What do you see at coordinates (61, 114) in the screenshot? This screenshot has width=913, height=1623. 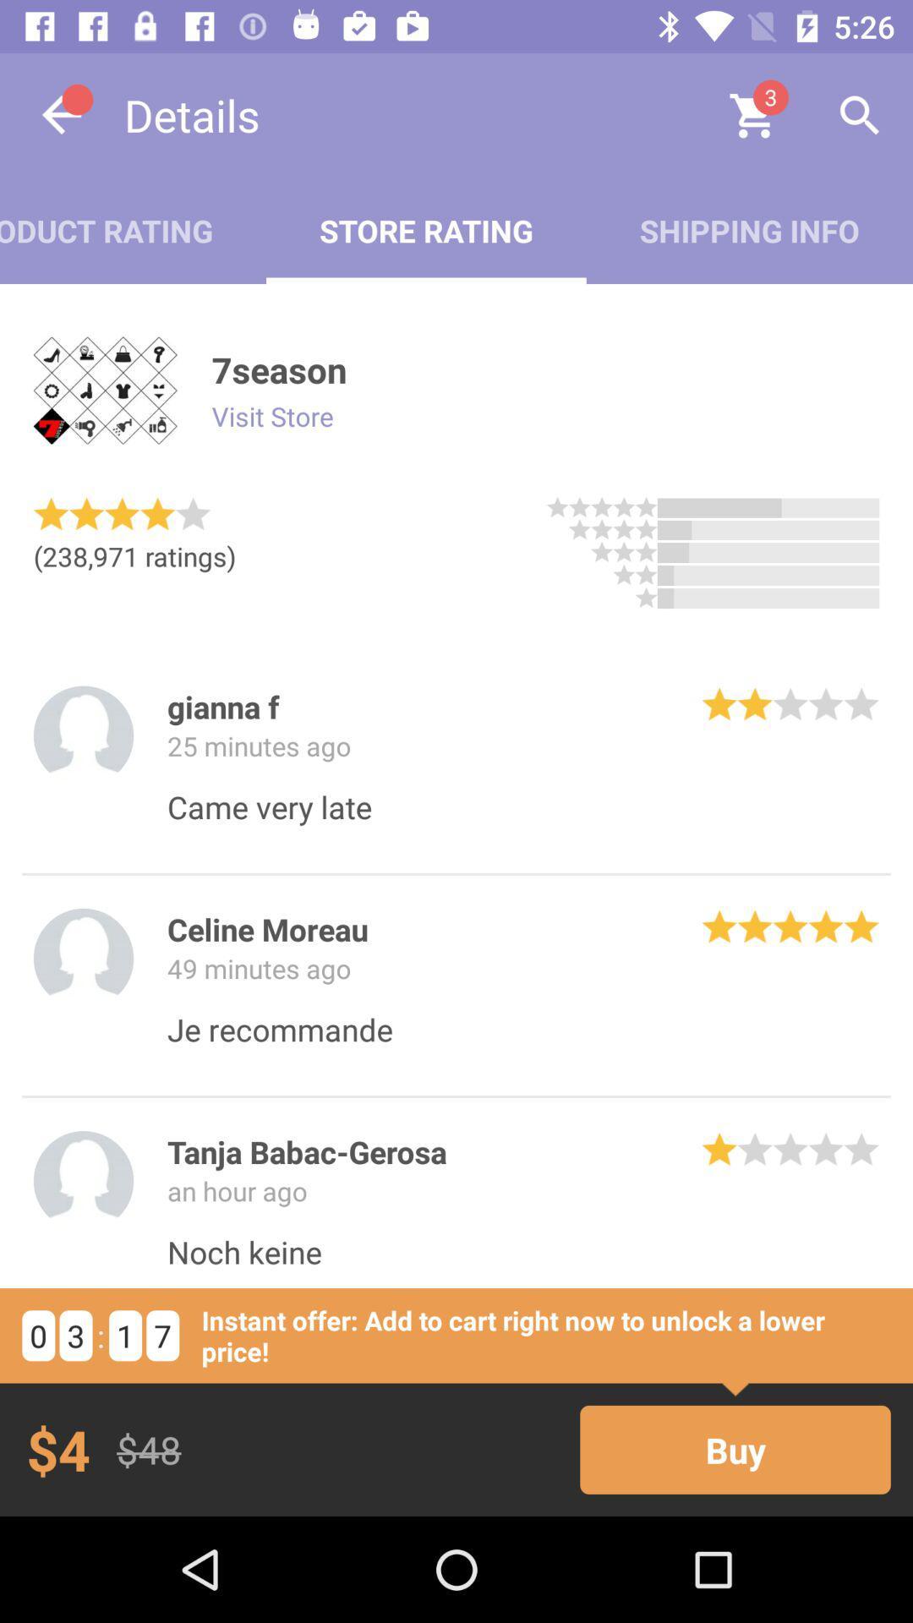 I see `item to the left of details` at bounding box center [61, 114].